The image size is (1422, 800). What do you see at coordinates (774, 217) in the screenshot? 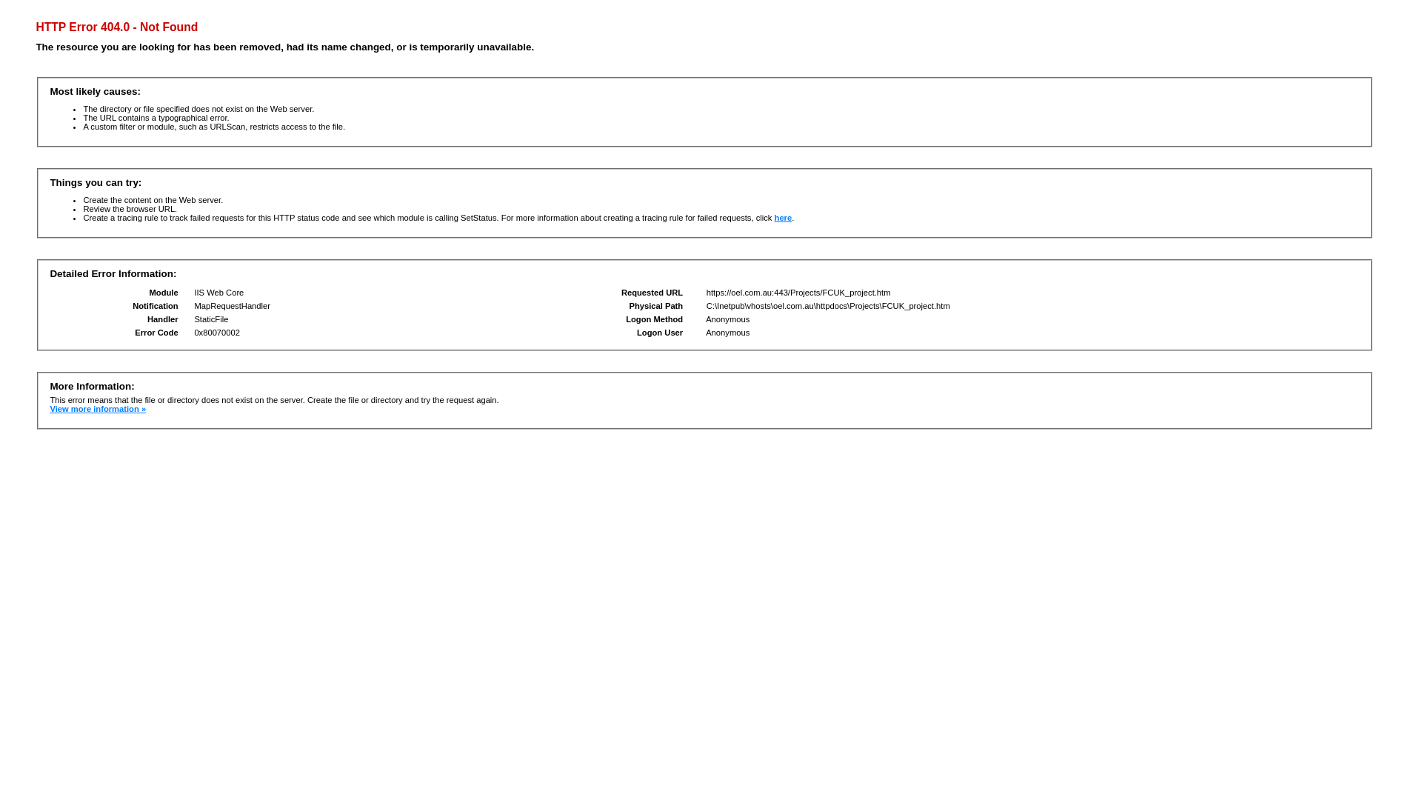
I see `'here'` at bounding box center [774, 217].